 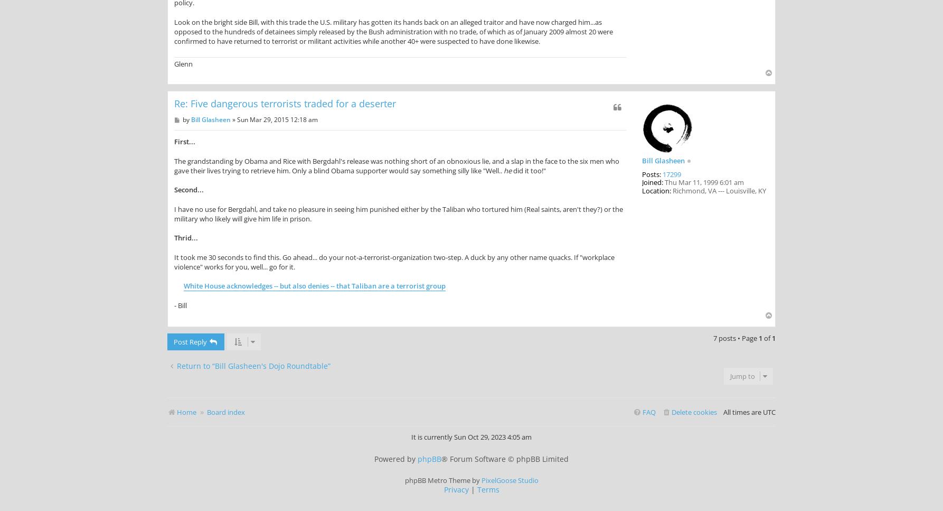 What do you see at coordinates (225, 412) in the screenshot?
I see `'Board index'` at bounding box center [225, 412].